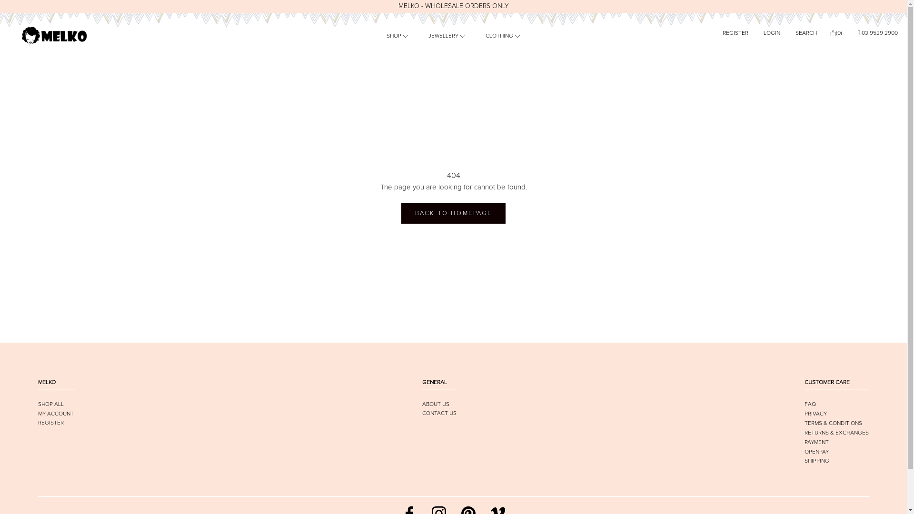 The image size is (914, 514). I want to click on 'PRIVACY', so click(804, 414).